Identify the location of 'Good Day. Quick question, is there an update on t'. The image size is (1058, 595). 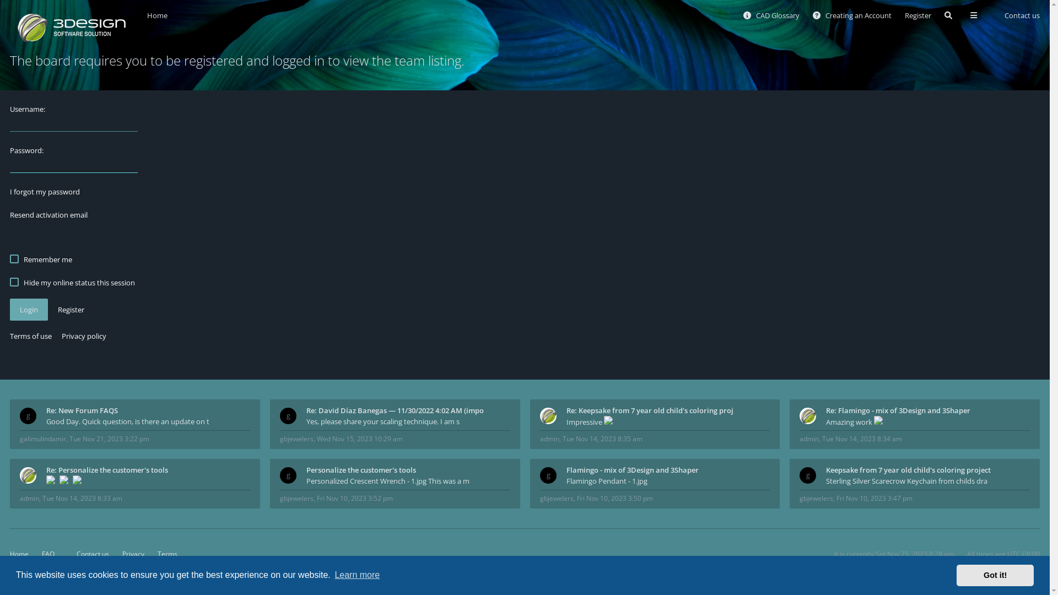
(147, 421).